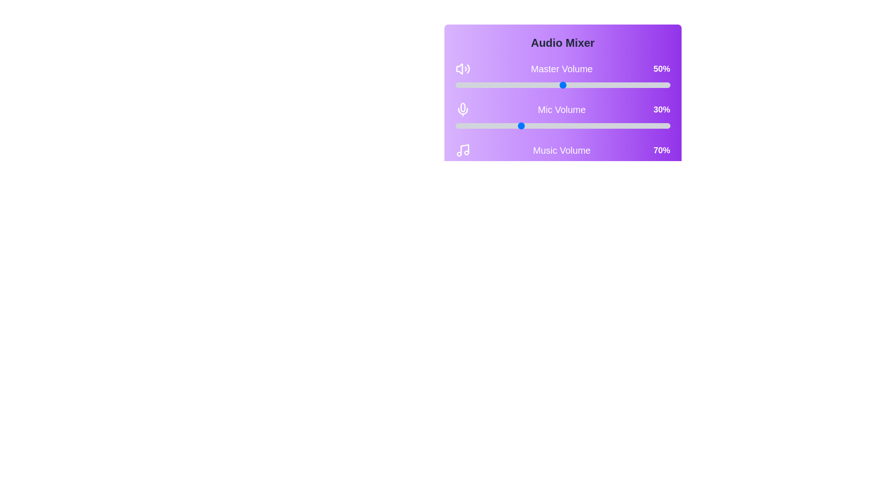 The width and height of the screenshot is (889, 500). Describe the element at coordinates (597, 126) in the screenshot. I see `the microphone volume` at that location.